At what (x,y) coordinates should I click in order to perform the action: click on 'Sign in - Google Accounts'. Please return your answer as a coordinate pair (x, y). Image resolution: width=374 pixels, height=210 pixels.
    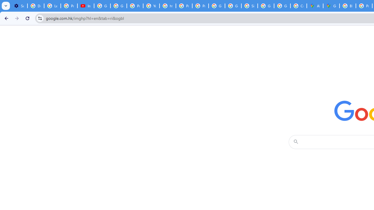
    Looking at the image, I should click on (249, 6).